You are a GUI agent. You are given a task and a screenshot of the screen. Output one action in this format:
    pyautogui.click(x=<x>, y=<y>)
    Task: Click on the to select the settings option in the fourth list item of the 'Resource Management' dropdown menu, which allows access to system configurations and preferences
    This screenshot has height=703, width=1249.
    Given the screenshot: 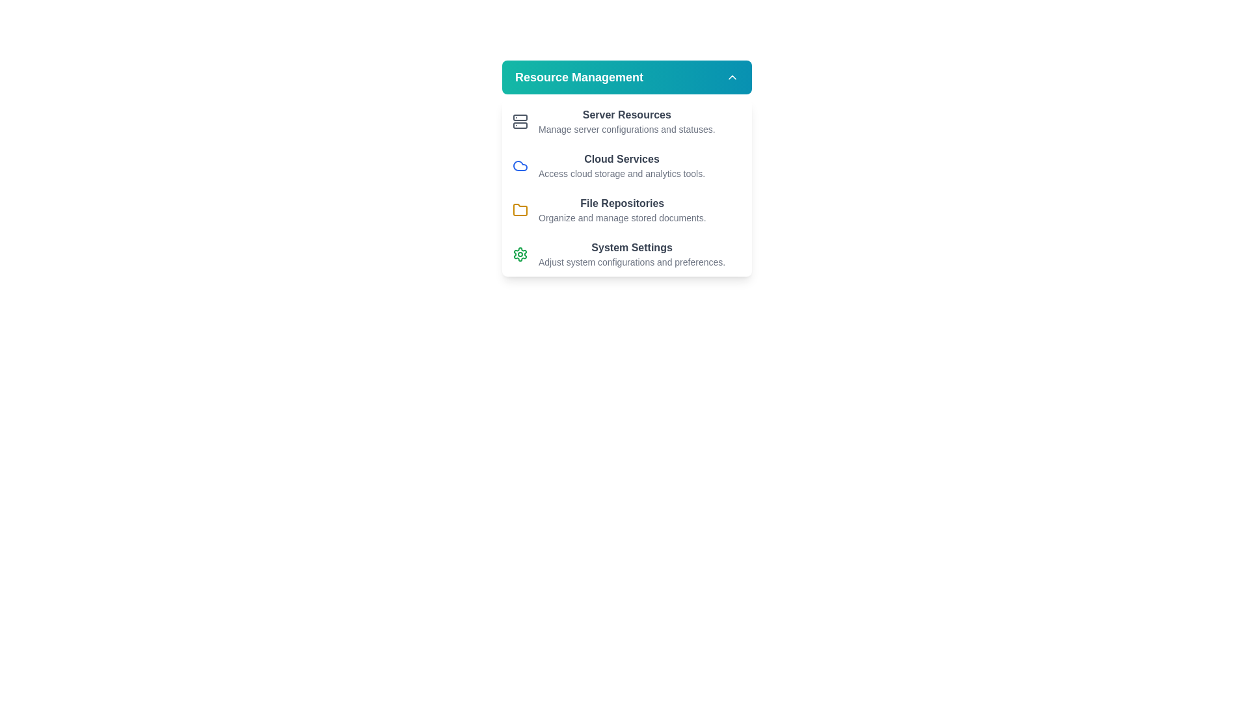 What is the action you would take?
    pyautogui.click(x=627, y=254)
    